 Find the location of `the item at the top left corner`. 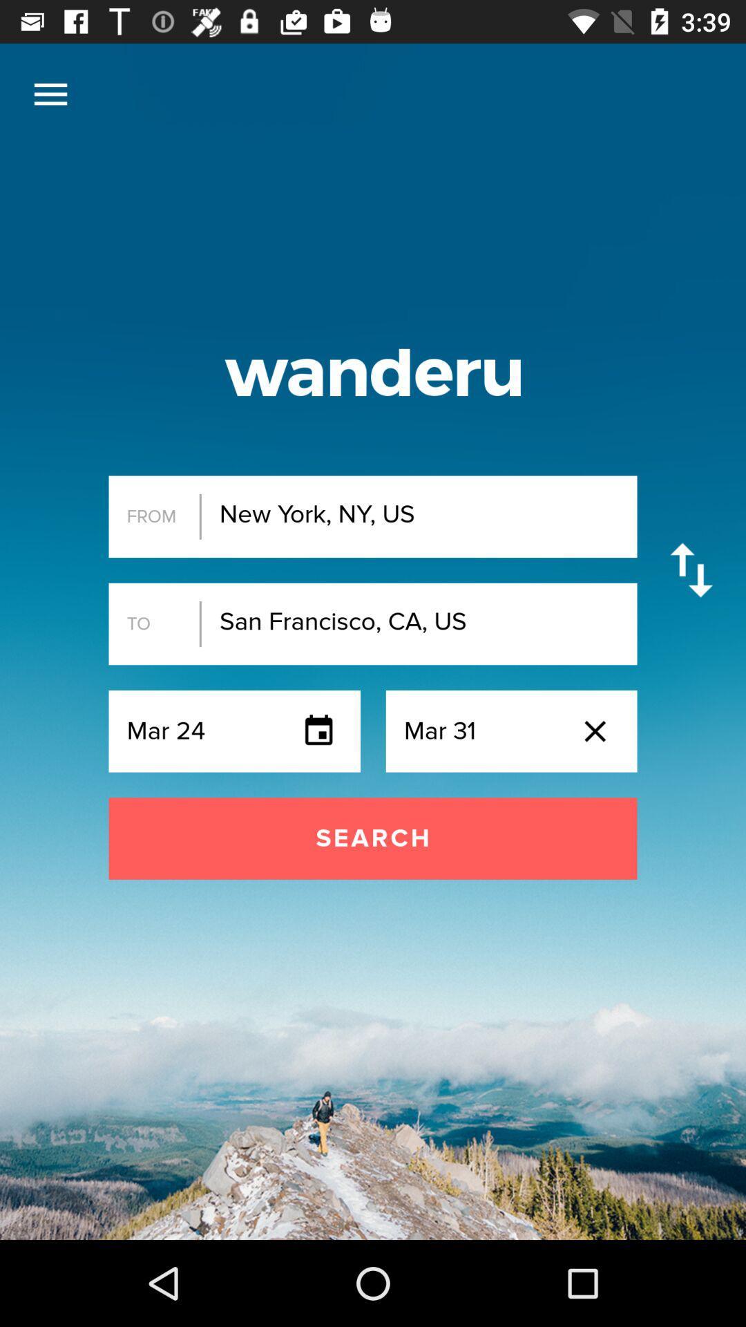

the item at the top left corner is located at coordinates (50, 93).